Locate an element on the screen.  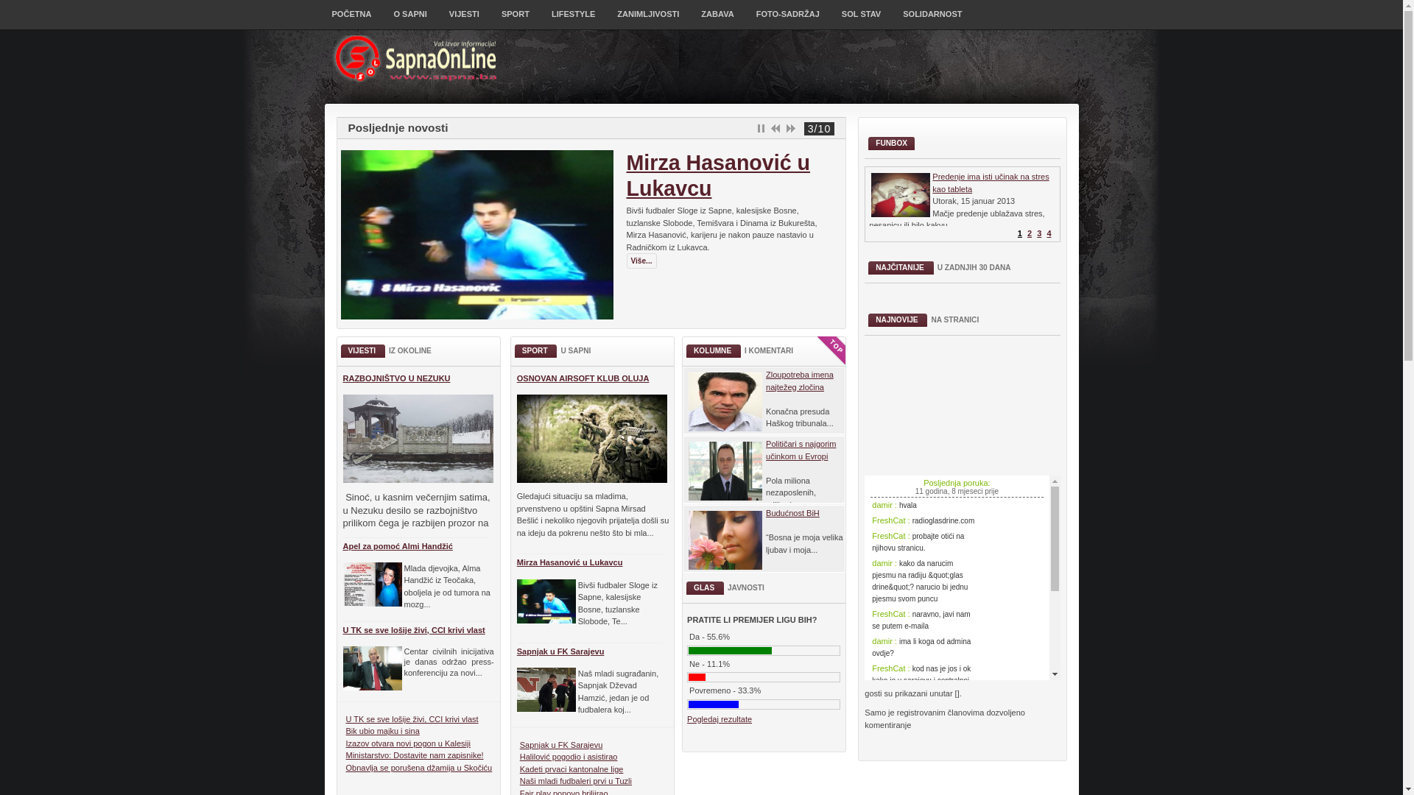
'O SAPNI' is located at coordinates (409, 20).